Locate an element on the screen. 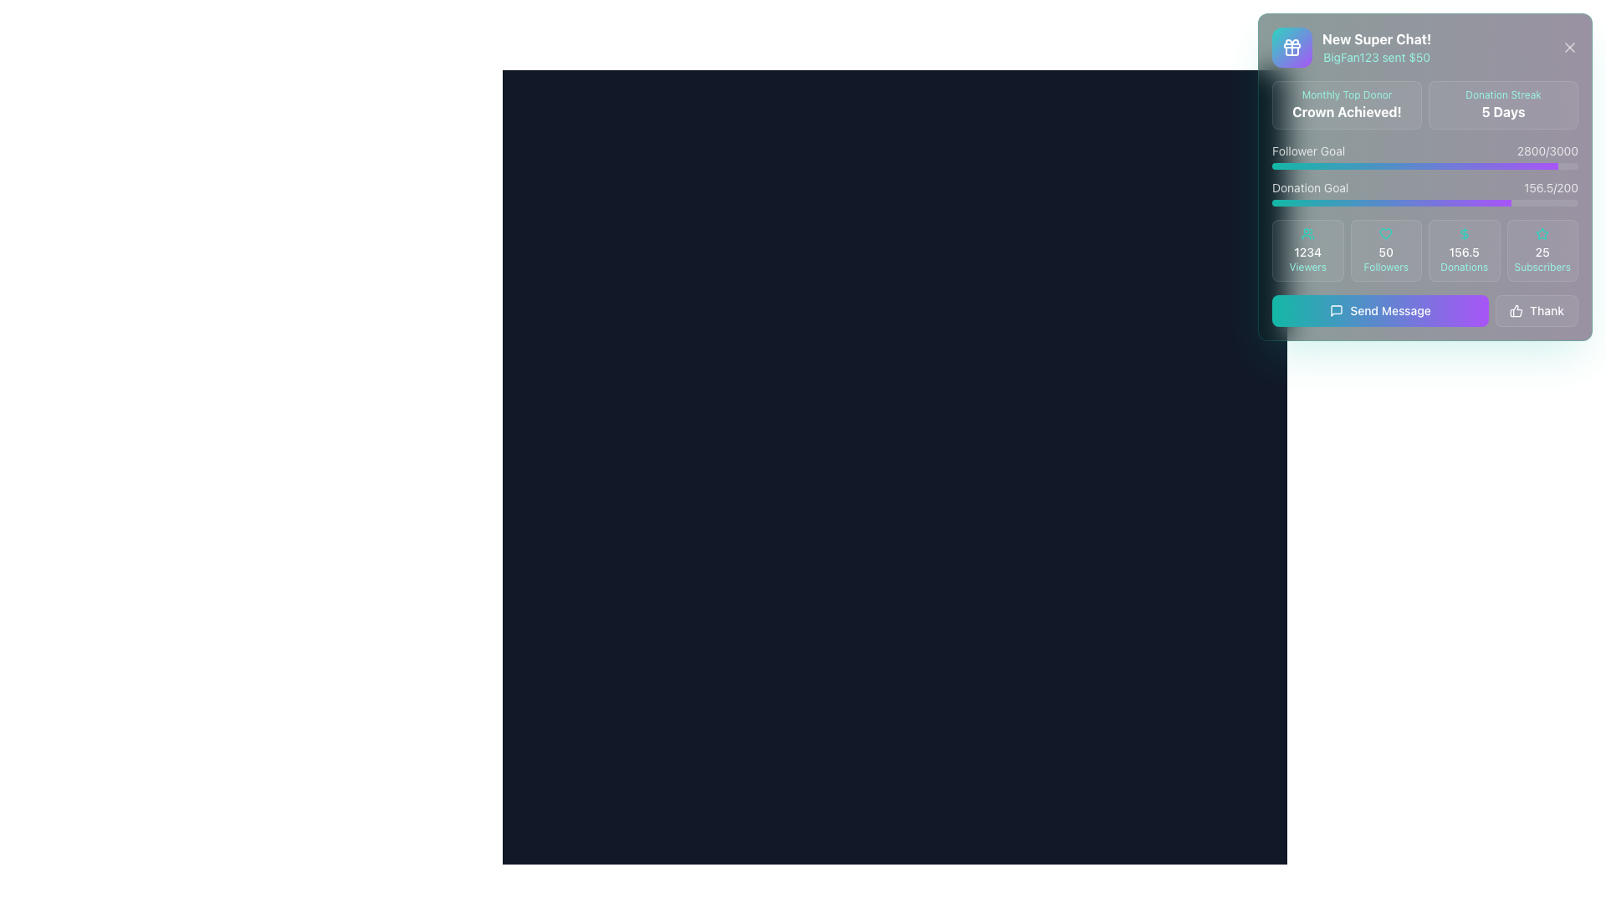 The width and height of the screenshot is (1606, 903). value displayed in the static text element showing '156.5', which is in white font on a light gray background, positioned above the 'donations' text is located at coordinates (1463, 252).